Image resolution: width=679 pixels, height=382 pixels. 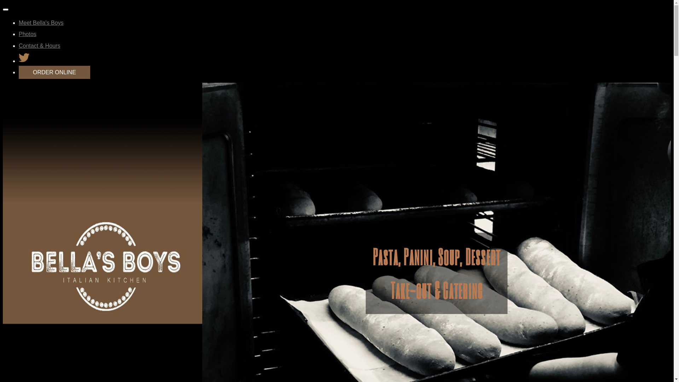 I want to click on 'Contact & Hours', so click(x=39, y=46).